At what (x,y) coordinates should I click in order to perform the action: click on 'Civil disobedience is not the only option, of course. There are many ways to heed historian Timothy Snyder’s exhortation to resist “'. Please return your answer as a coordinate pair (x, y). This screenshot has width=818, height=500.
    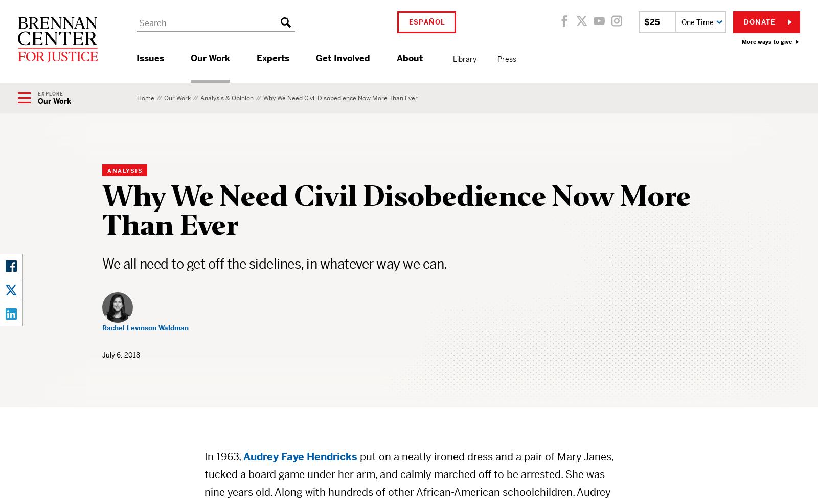
    Looking at the image, I should click on (396, 297).